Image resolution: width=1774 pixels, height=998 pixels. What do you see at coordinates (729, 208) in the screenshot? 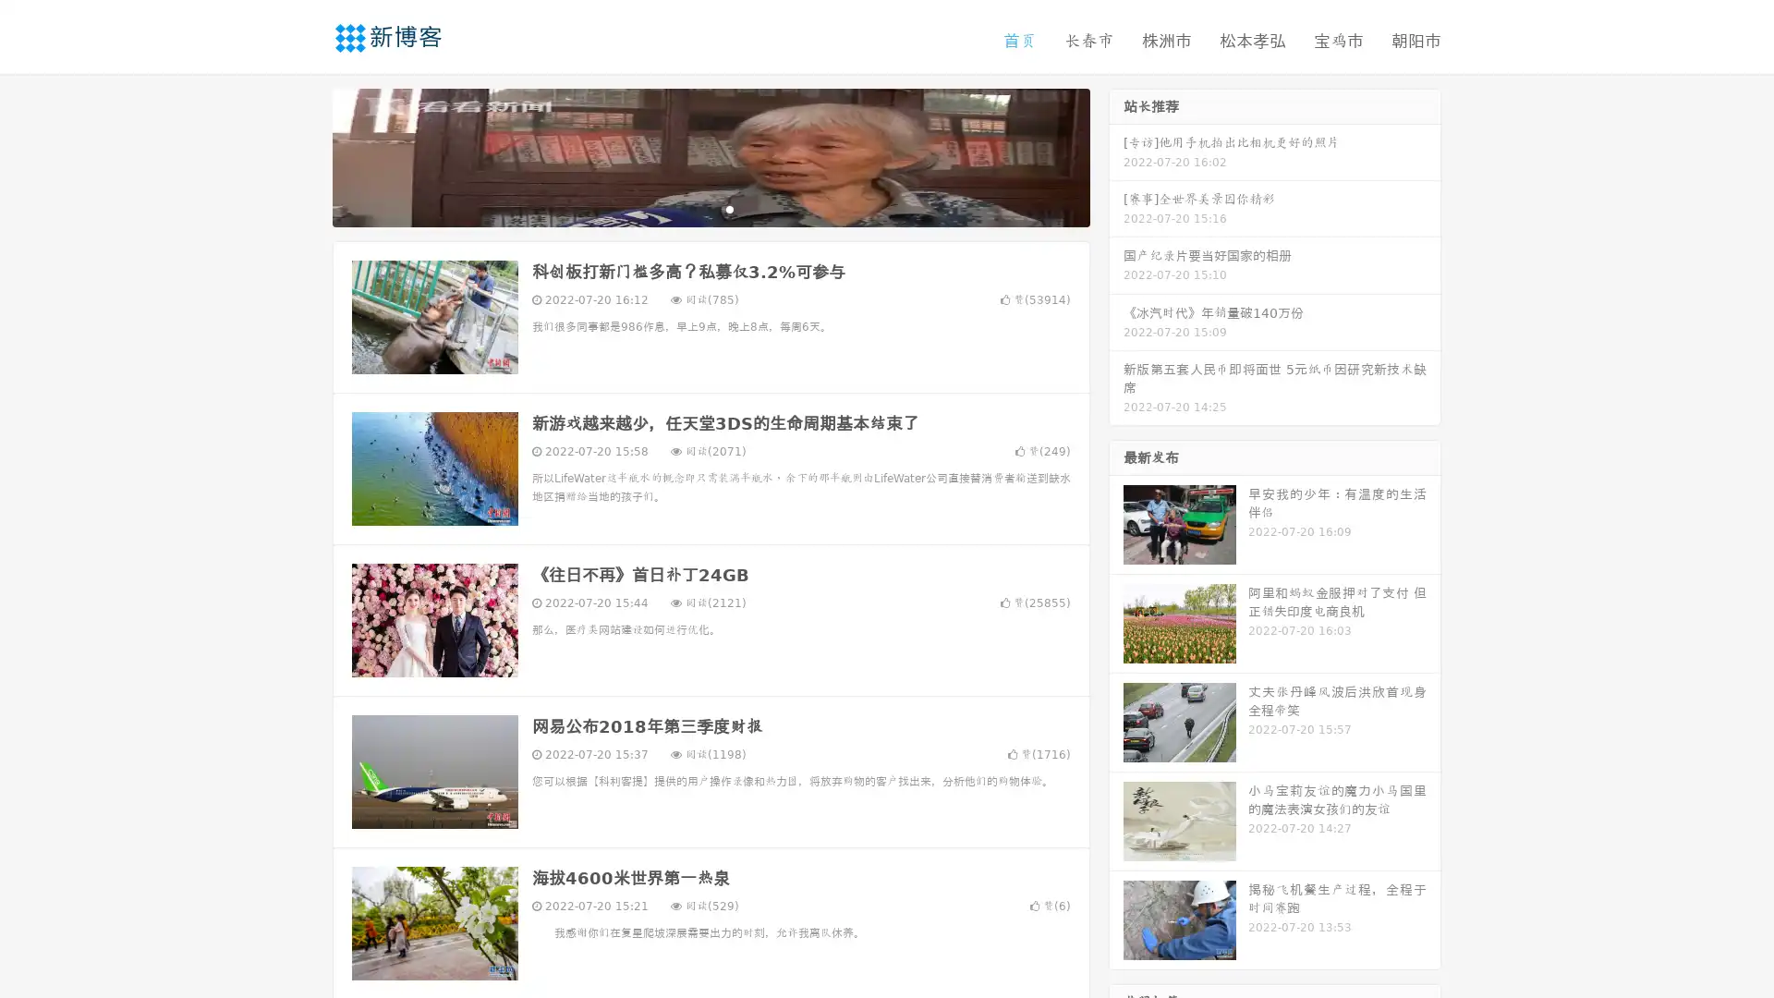
I see `Go to slide 3` at bounding box center [729, 208].